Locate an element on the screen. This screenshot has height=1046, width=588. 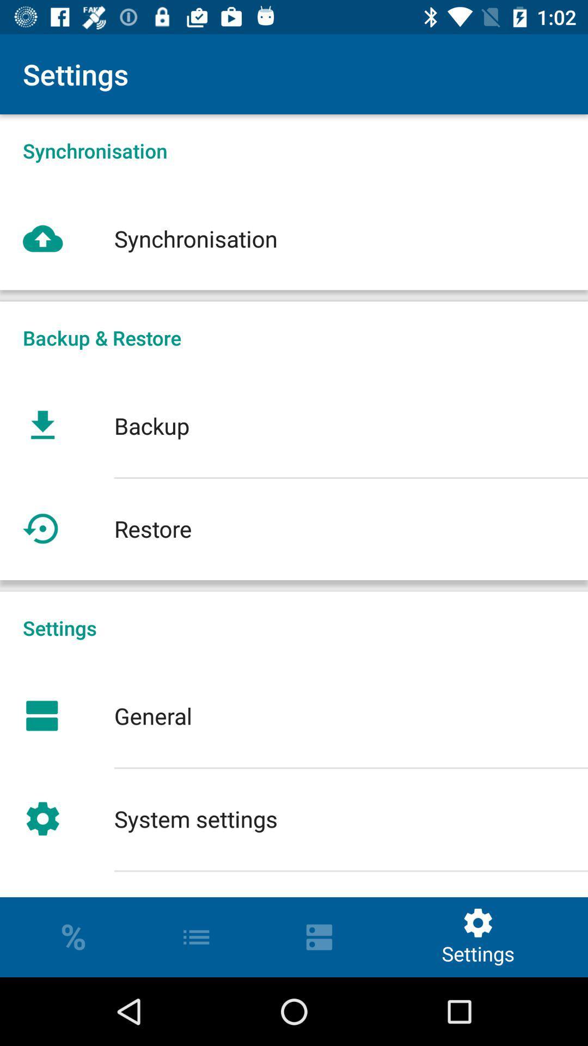
settings is located at coordinates (477, 936).